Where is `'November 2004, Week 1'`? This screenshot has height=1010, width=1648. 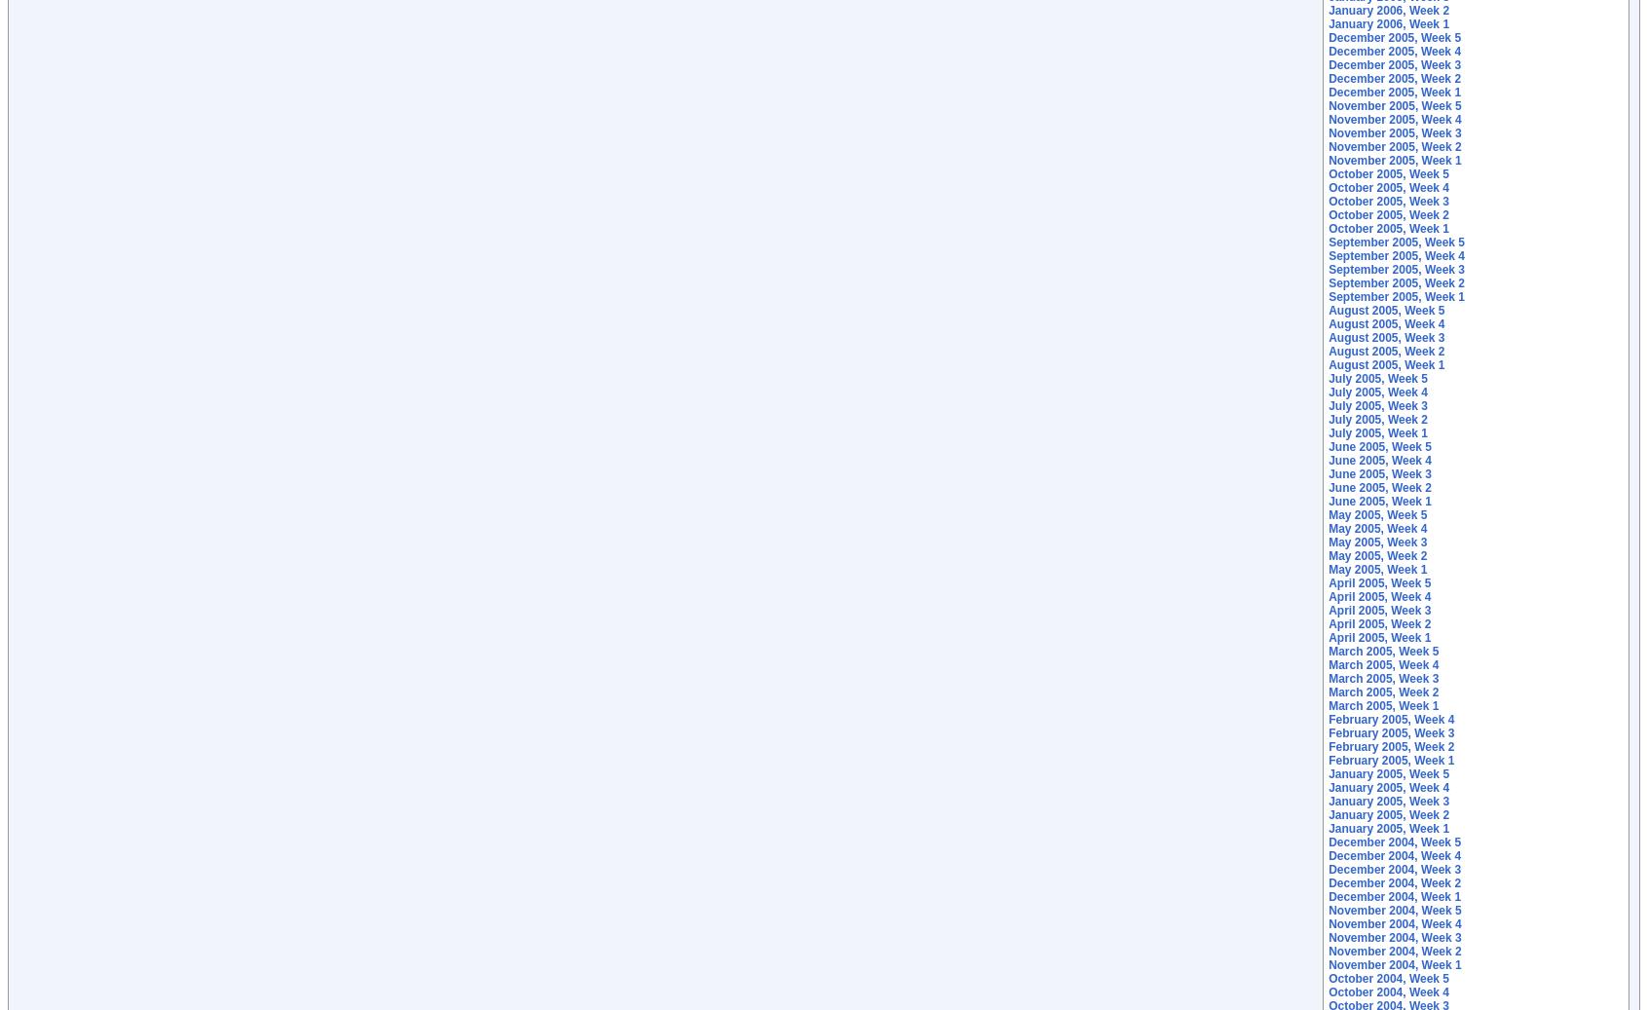 'November 2004, Week 1' is located at coordinates (1393, 964).